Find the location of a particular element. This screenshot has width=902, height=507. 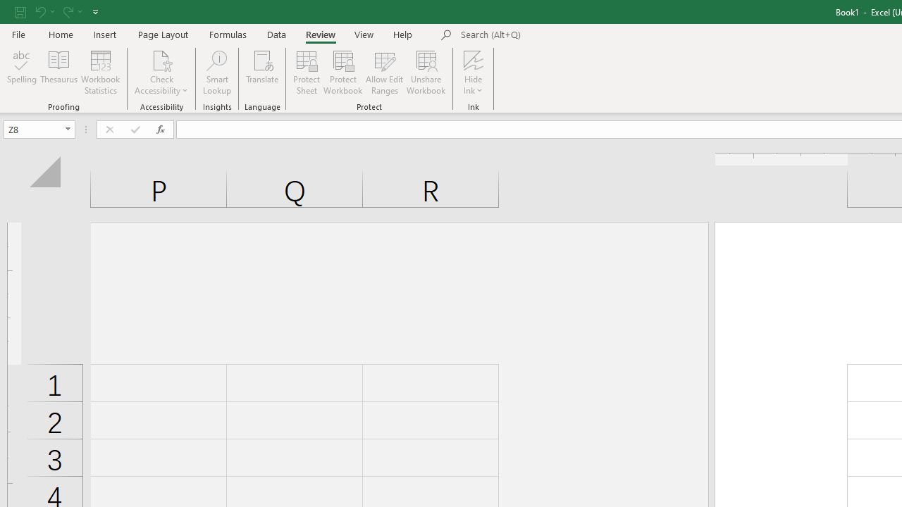

'Hide Ink' is located at coordinates (474, 59).